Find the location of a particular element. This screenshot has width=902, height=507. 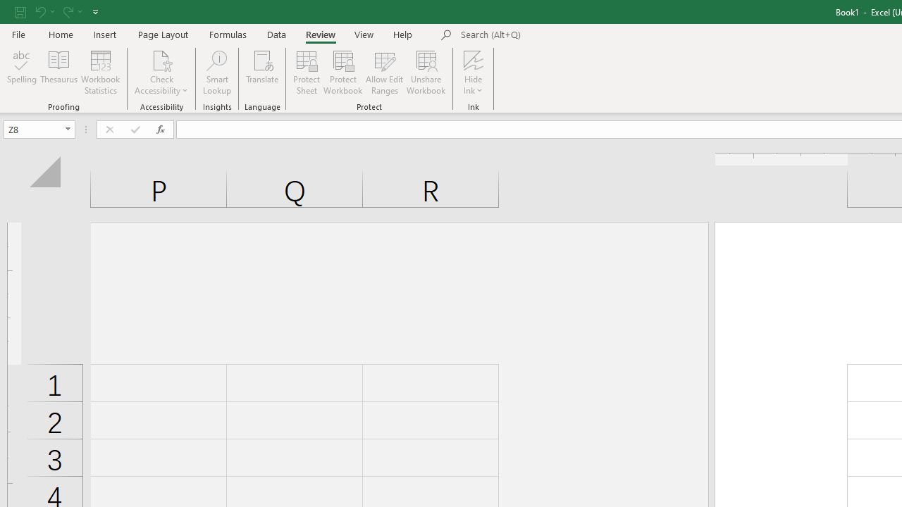

'Hide Ink' is located at coordinates (474, 59).